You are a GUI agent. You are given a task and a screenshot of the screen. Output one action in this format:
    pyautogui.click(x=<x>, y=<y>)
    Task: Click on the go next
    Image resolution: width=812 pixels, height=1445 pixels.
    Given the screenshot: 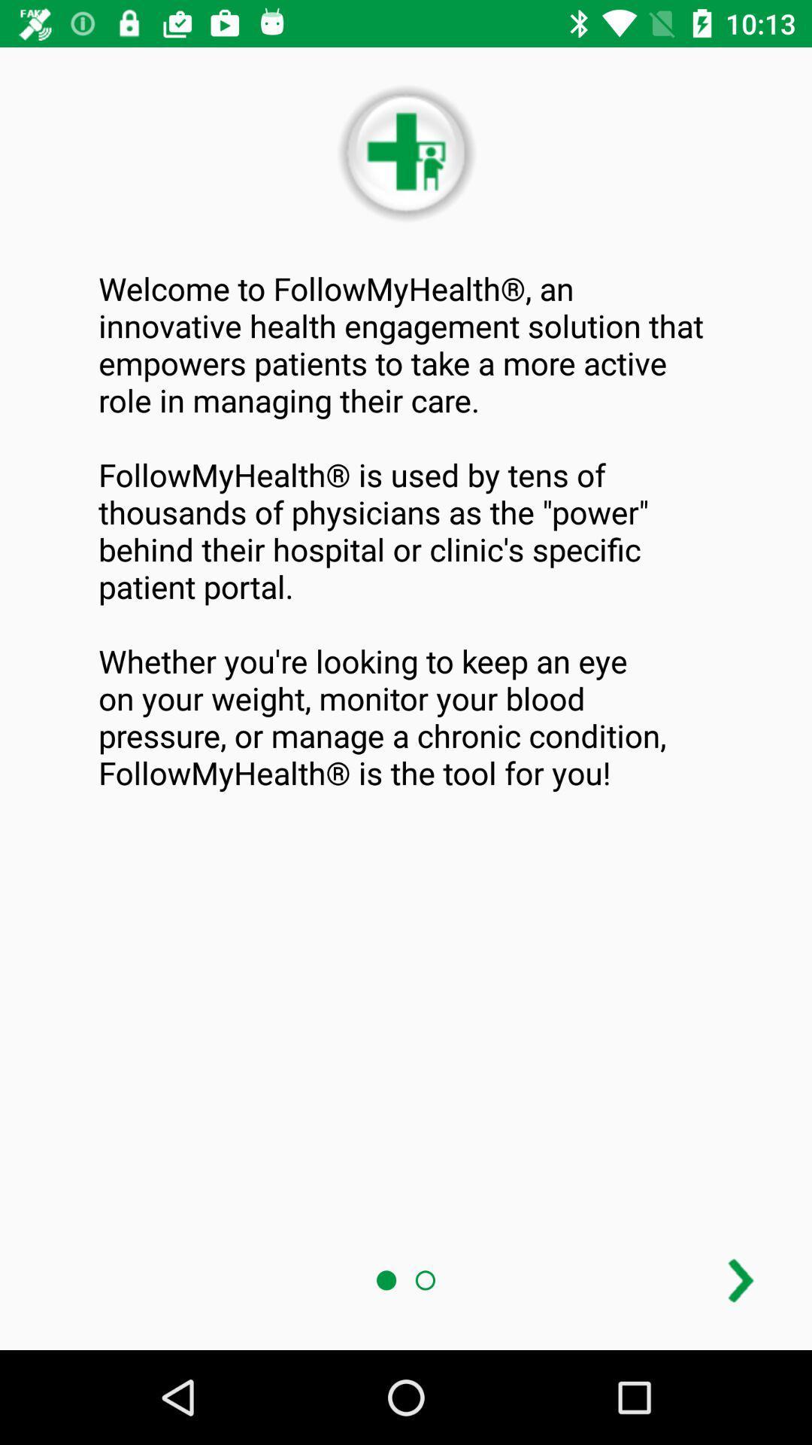 What is the action you would take?
    pyautogui.click(x=740, y=1279)
    